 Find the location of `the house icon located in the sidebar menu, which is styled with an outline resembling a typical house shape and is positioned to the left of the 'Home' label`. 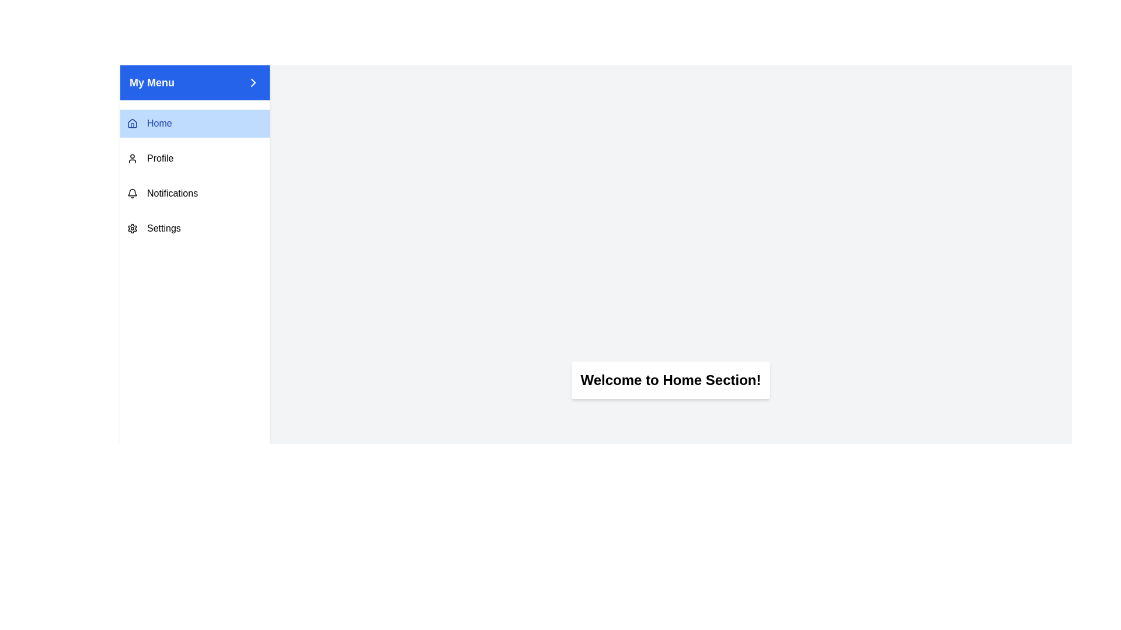

the house icon located in the sidebar menu, which is styled with an outline resembling a typical house shape and is positioned to the left of the 'Home' label is located at coordinates (132, 123).